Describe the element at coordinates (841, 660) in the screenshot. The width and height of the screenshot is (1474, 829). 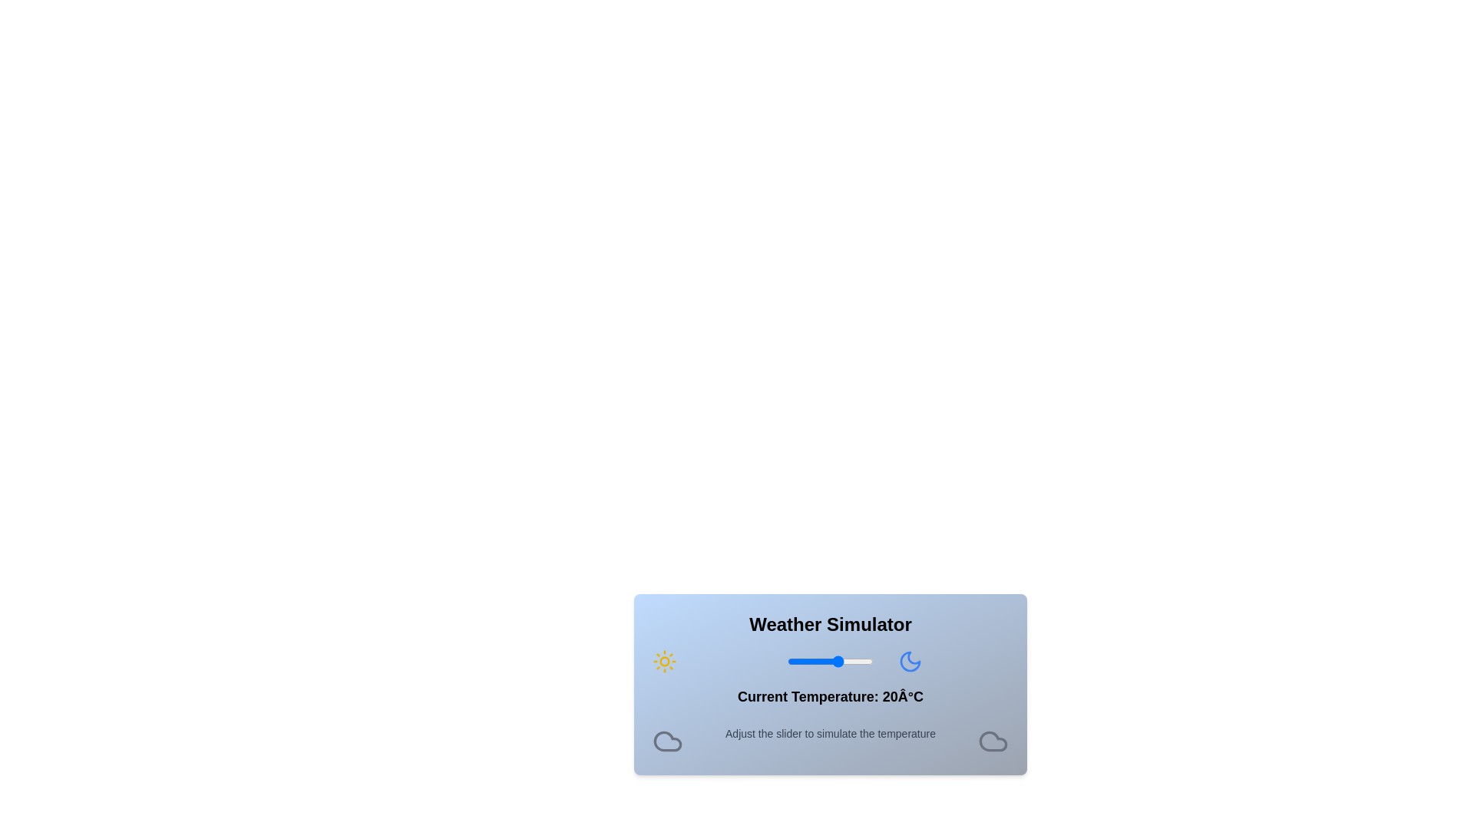
I see `the slider to set the temperature to 22°C` at that location.